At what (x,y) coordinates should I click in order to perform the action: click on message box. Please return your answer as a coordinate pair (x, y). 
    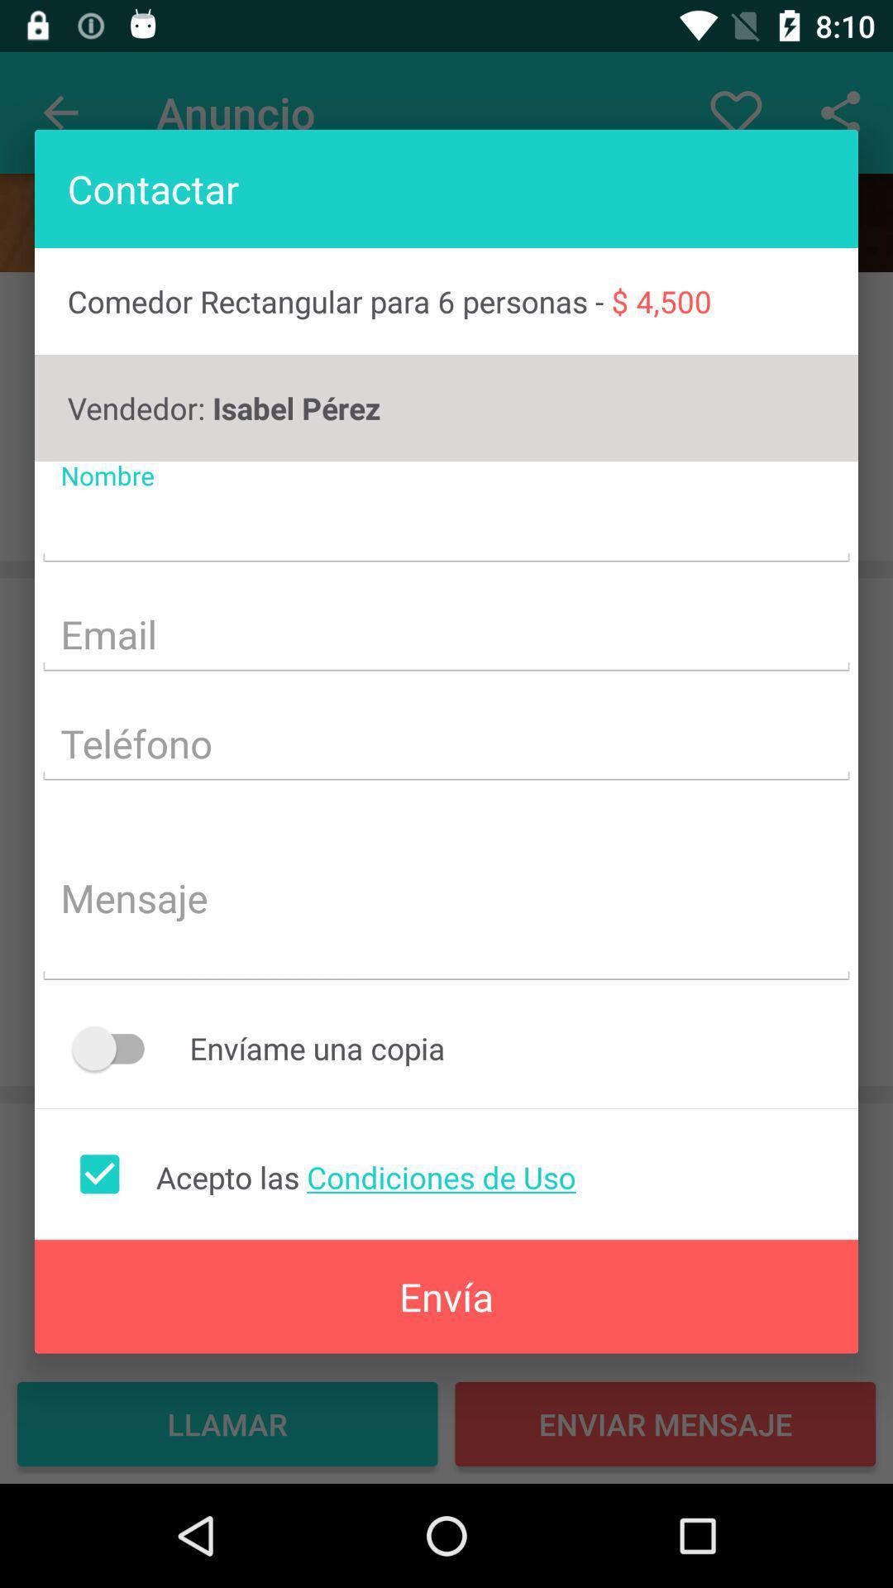
    Looking at the image, I should click on (446, 900).